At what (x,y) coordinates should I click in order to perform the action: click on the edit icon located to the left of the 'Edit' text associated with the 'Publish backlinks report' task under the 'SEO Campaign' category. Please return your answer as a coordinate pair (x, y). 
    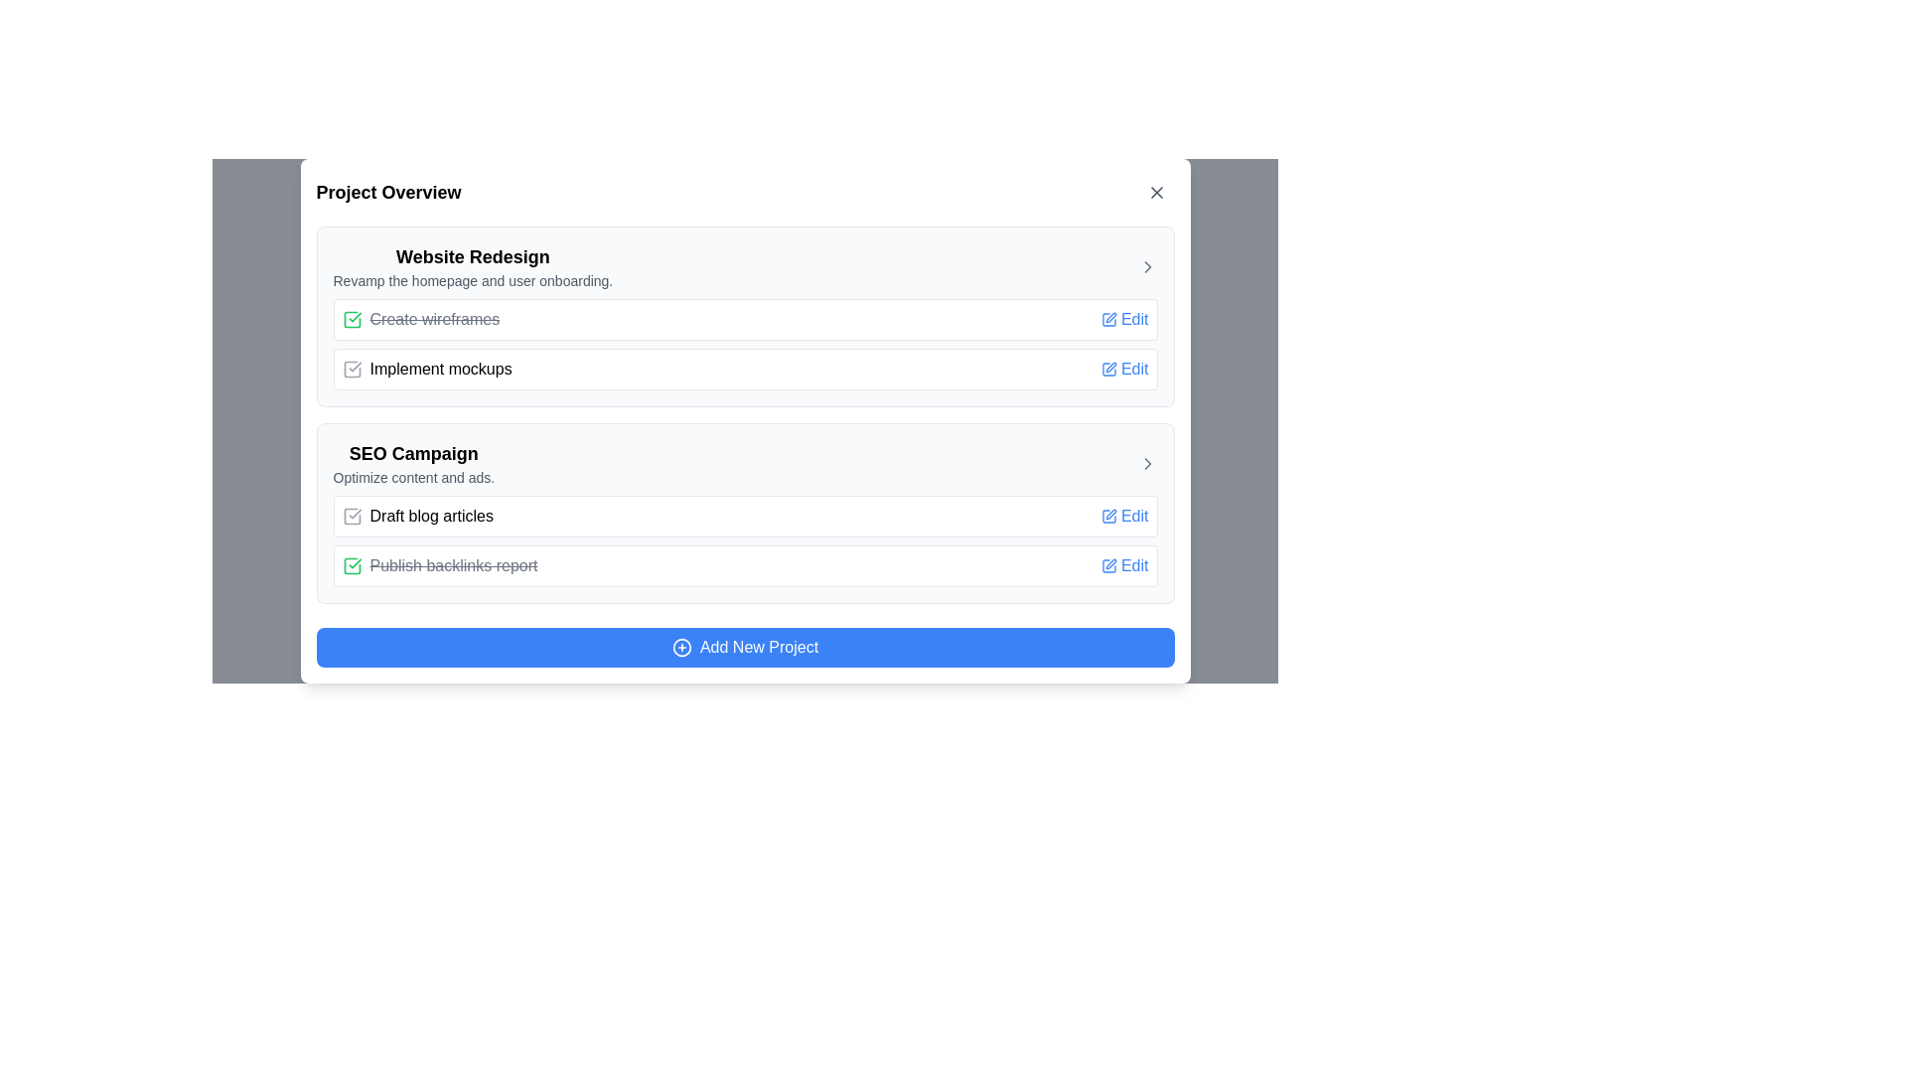
    Looking at the image, I should click on (1107, 516).